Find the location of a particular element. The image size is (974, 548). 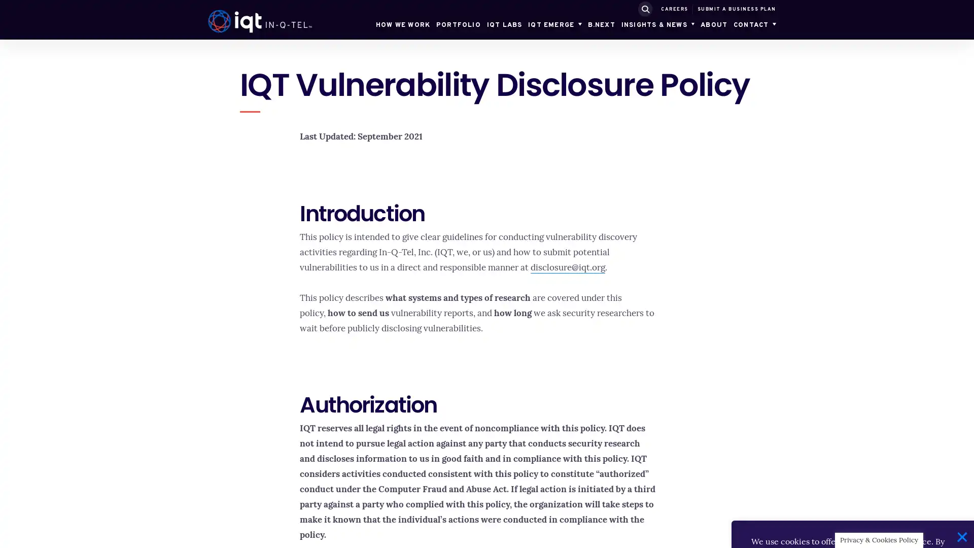

SUBMIT is located at coordinates (644, 9).